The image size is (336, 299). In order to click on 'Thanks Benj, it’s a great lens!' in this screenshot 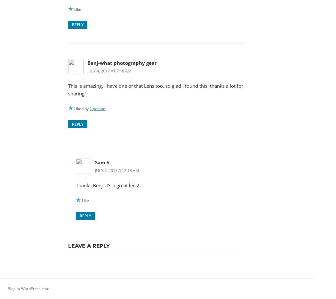, I will do `click(108, 185)`.